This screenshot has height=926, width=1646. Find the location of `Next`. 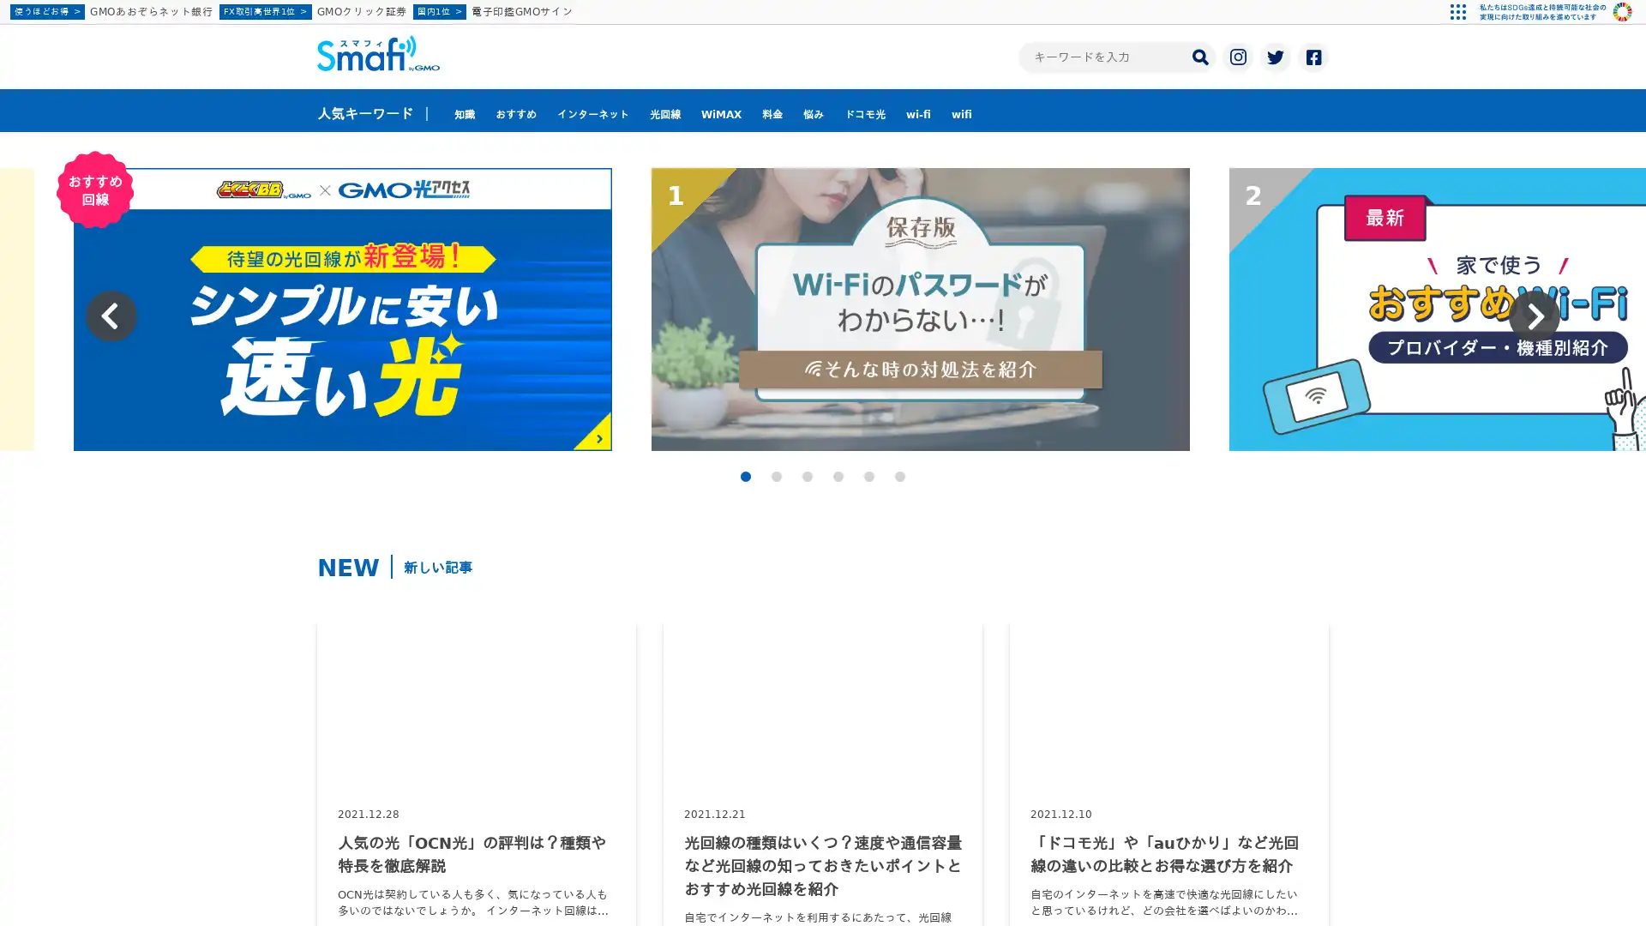

Next is located at coordinates (1535, 316).